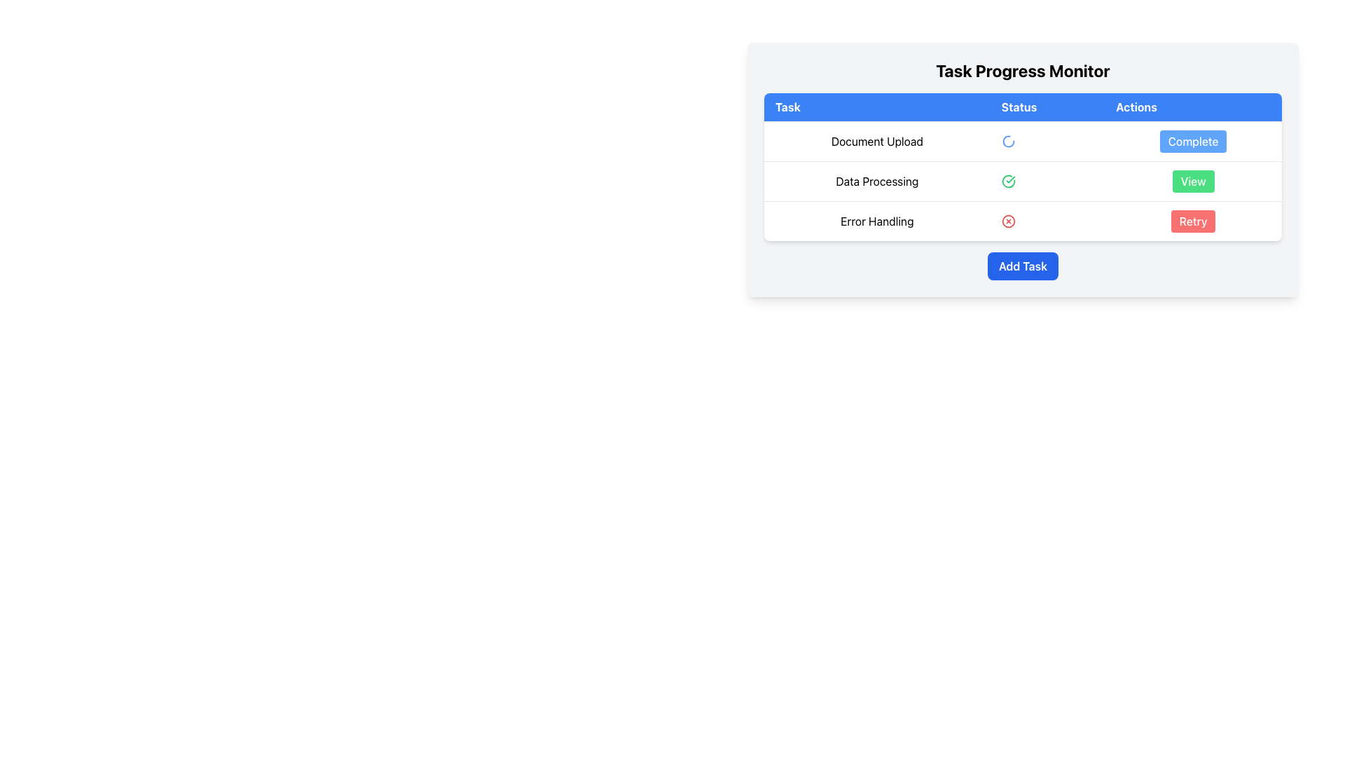 This screenshot has width=1345, height=757. Describe the element at coordinates (876, 141) in the screenshot. I see `the 'Document Upload' text label in the task column of the progress tracking table` at that location.